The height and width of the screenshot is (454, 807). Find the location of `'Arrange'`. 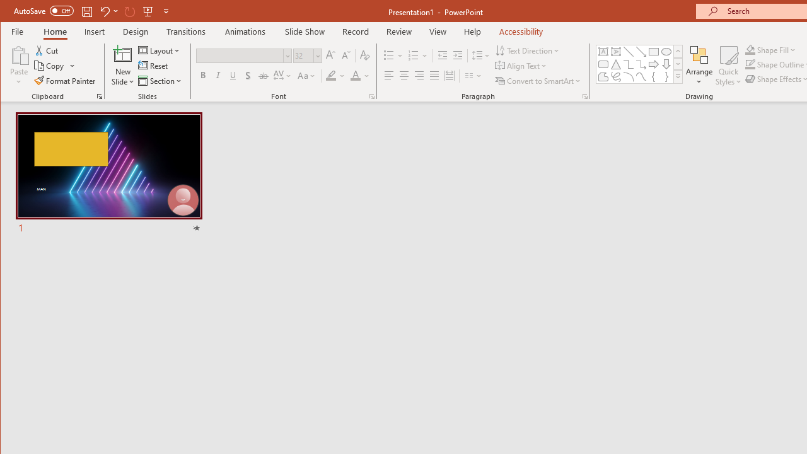

'Arrange' is located at coordinates (699, 66).